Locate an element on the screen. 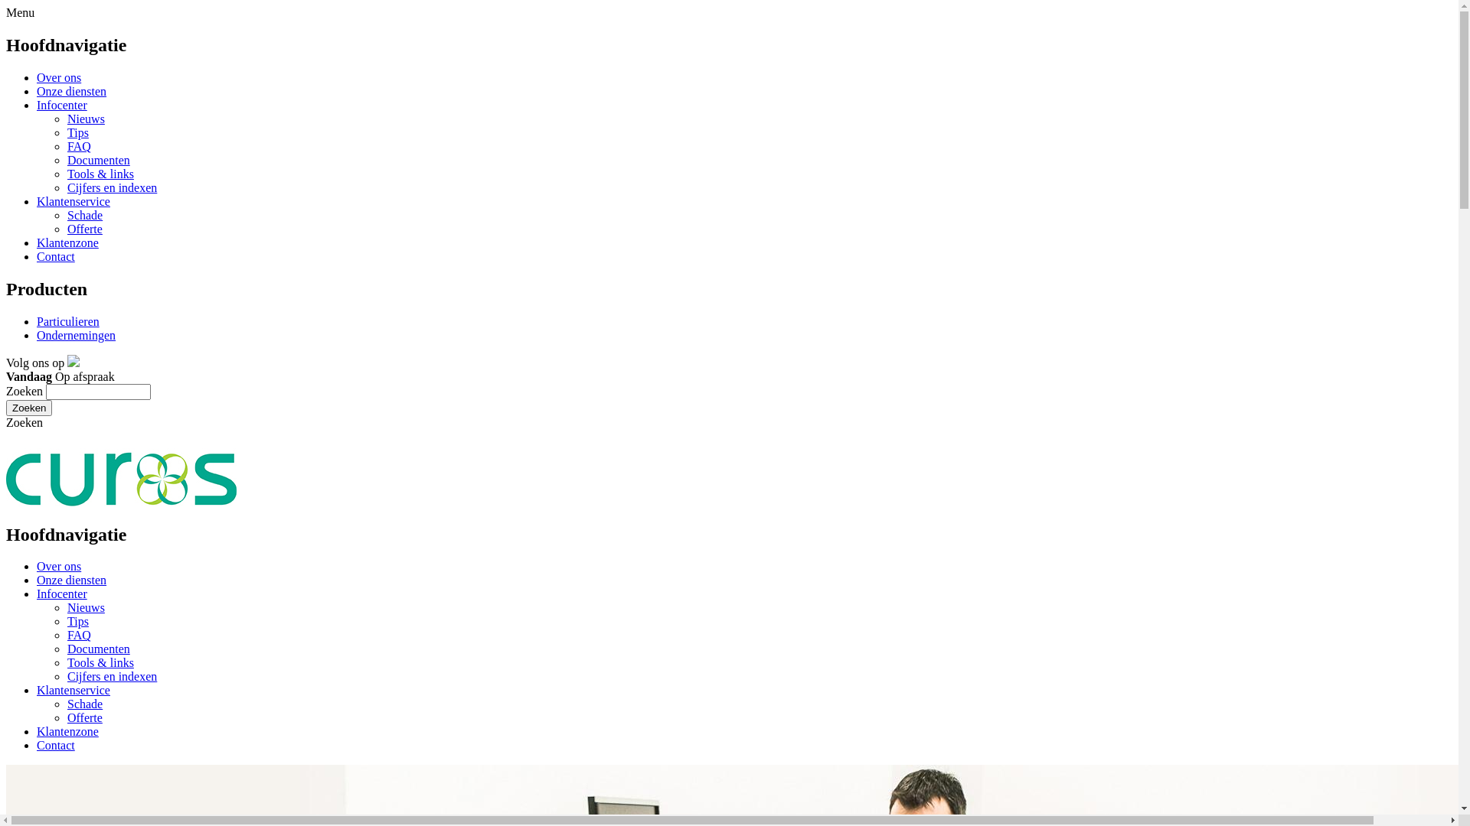  'Offerte' is located at coordinates (83, 229).